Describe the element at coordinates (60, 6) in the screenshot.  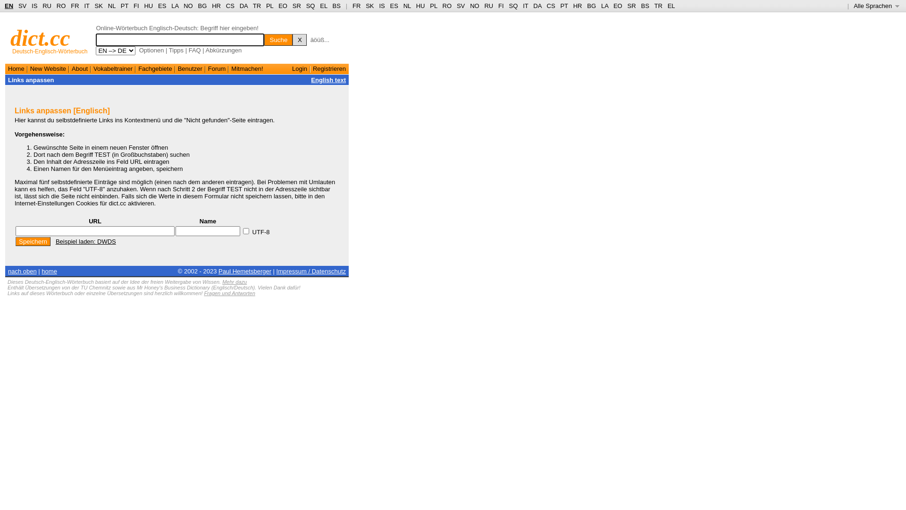
I see `'RO'` at that location.